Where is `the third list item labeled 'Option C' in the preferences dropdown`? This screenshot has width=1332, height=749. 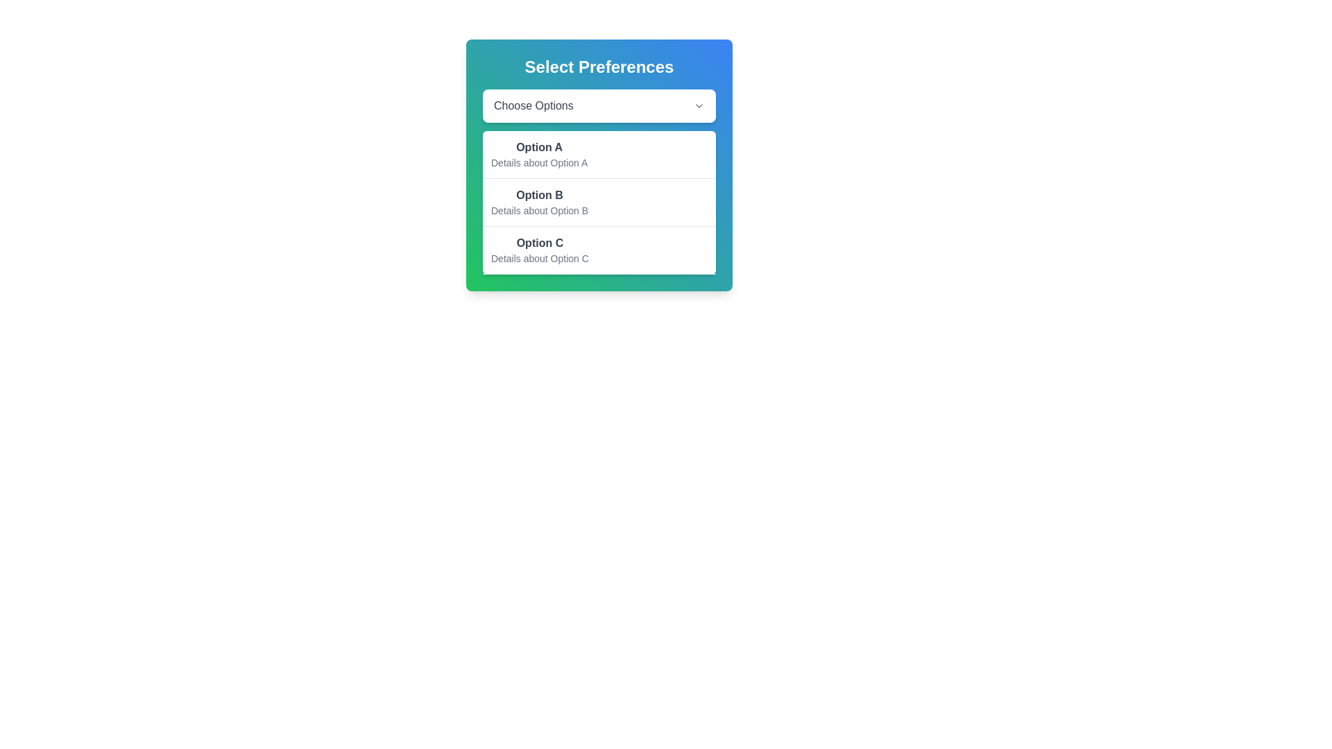
the third list item labeled 'Option C' in the preferences dropdown is located at coordinates (599, 250).